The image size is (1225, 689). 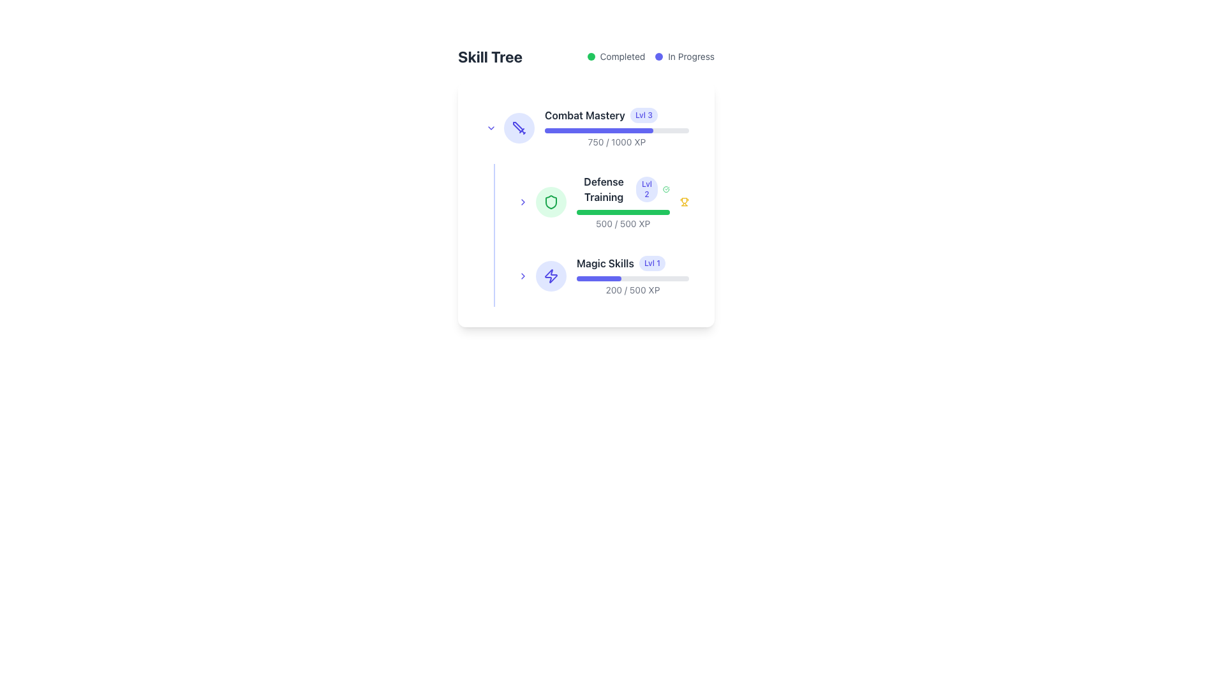 What do you see at coordinates (683, 201) in the screenshot?
I see `the trophy icon representing achievement in the 'Defense Training' skill, located near the right edge of the 'Defense Training' card` at bounding box center [683, 201].